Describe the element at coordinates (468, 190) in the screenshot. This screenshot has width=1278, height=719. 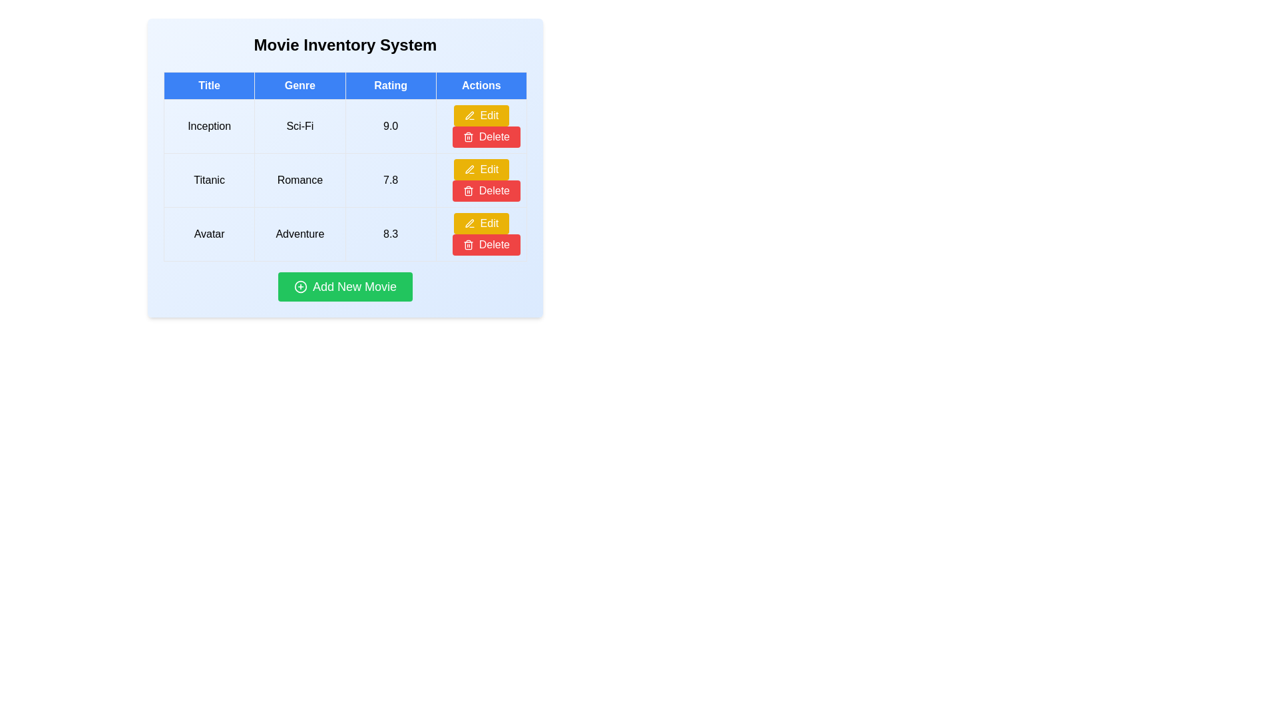
I see `the delete icon for the movie 'Avatar' in the 'Movie Inventory System' table` at that location.